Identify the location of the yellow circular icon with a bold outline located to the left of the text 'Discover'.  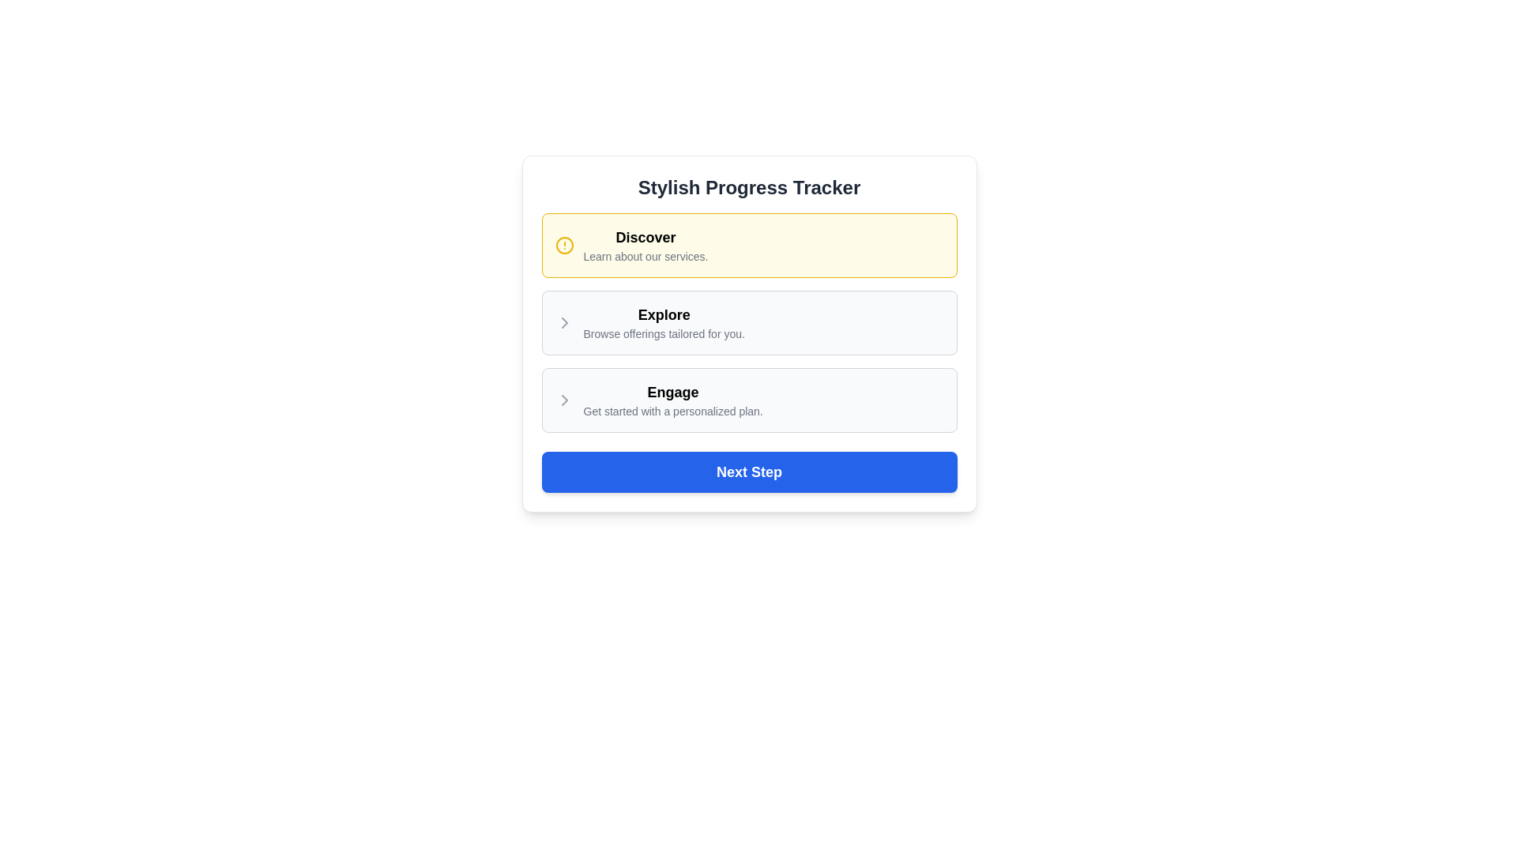
(564, 246).